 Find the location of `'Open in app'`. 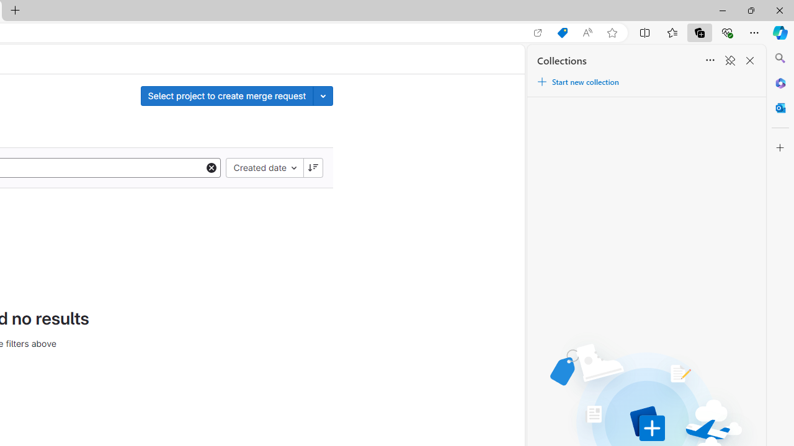

'Open in app' is located at coordinates (538, 32).